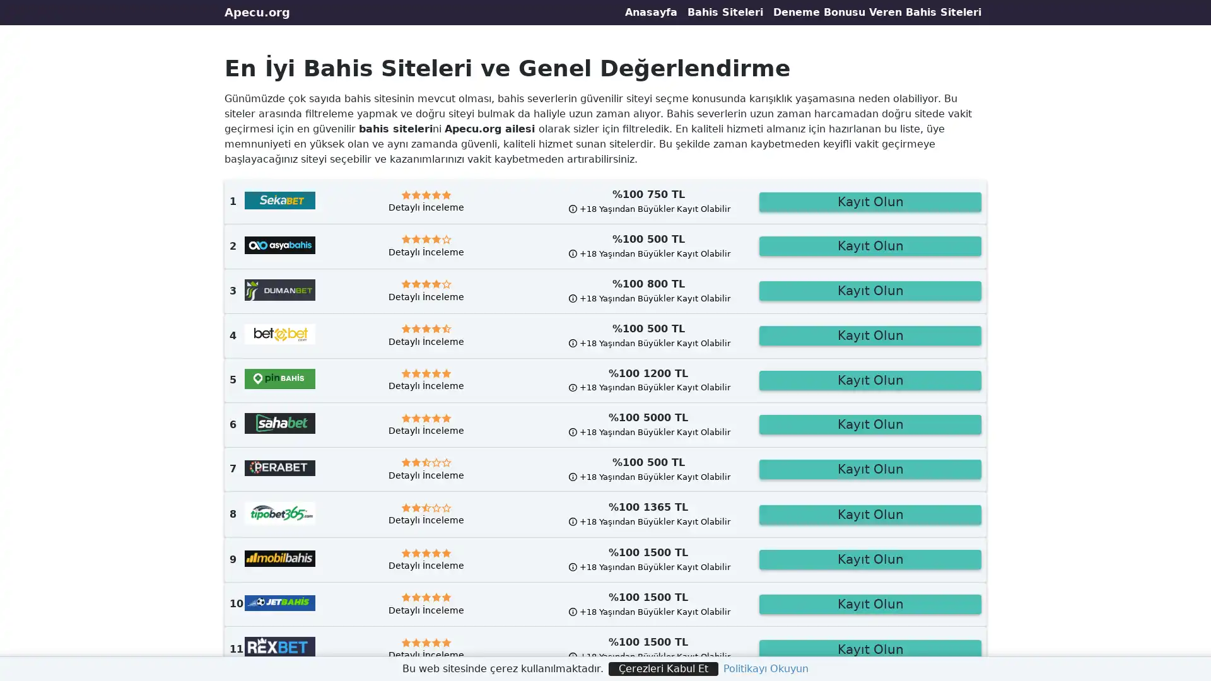 This screenshot has height=681, width=1211. I want to click on Load terms and conditions, so click(648, 431).